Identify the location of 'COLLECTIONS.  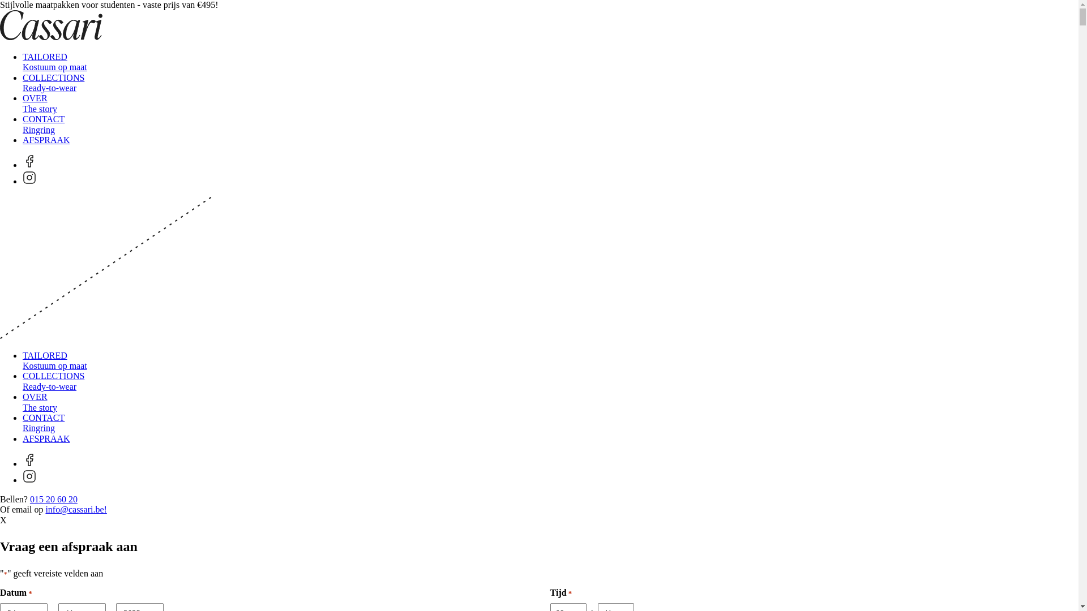
(53, 82).